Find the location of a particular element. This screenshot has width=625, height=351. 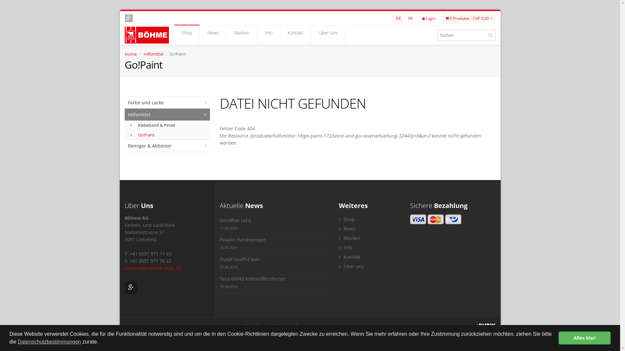

'Login' is located at coordinates (428, 18).